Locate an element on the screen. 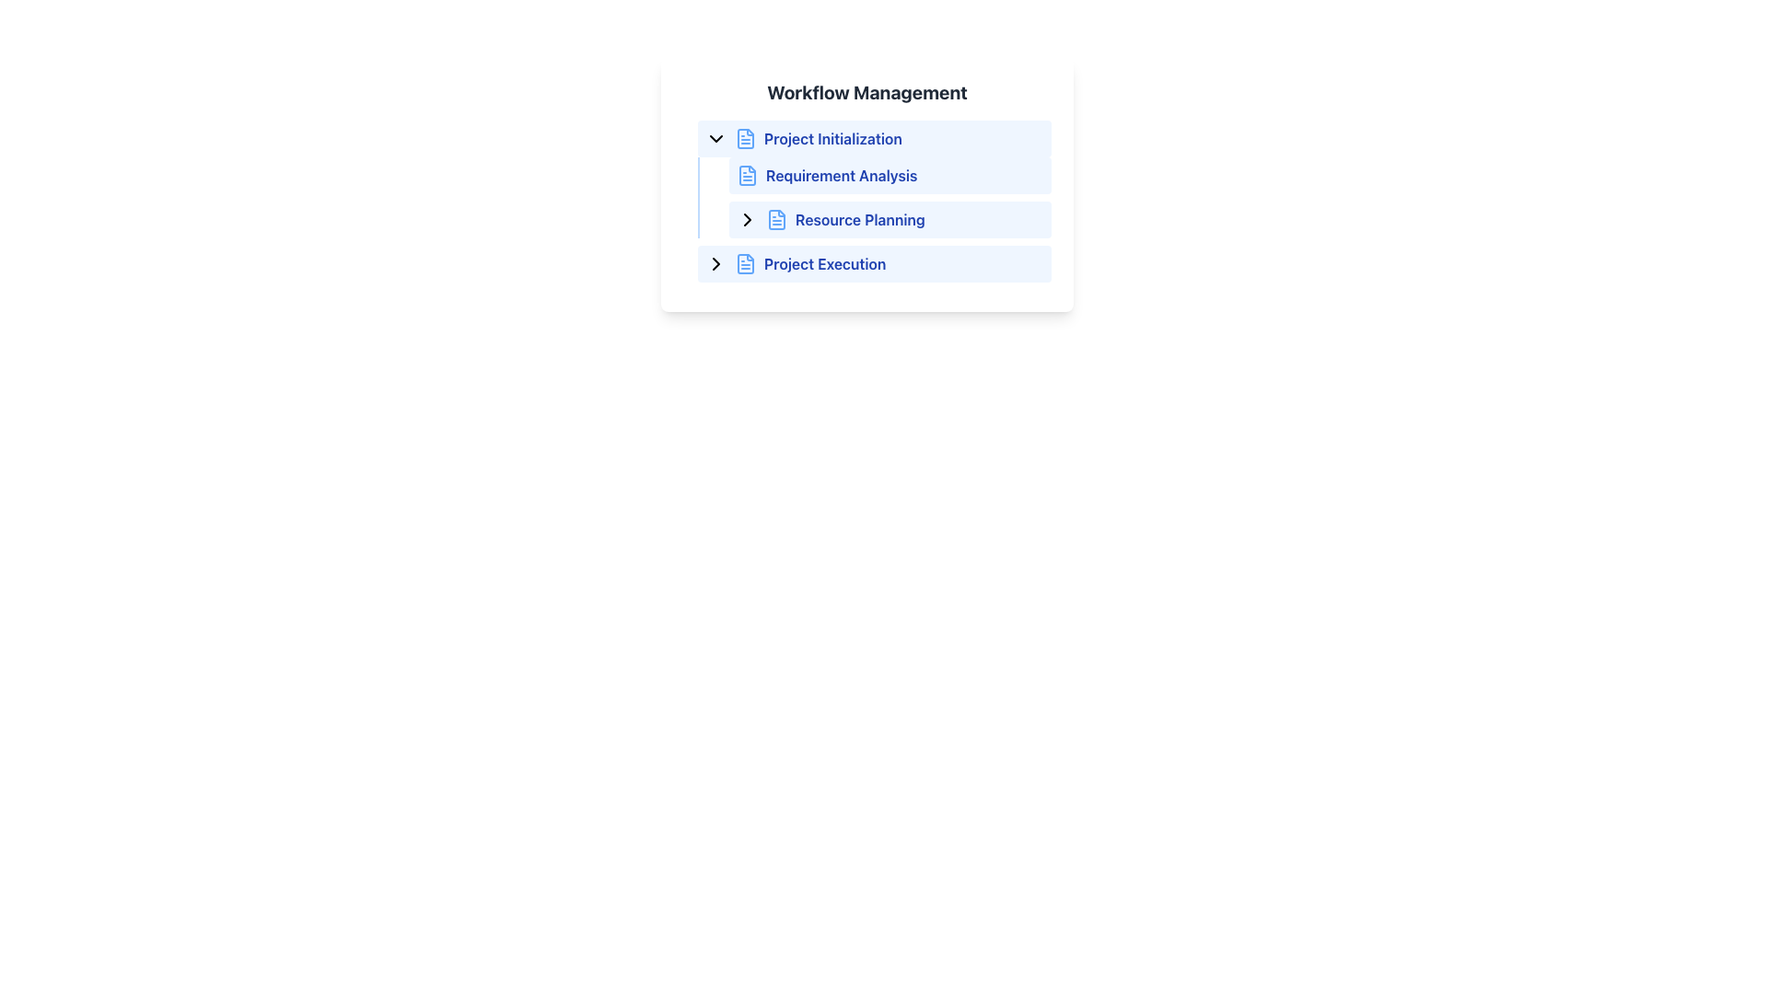 This screenshot has height=994, width=1768. the downward-pointing chevron icon, which indicates expandable content for 'Project Initialization' is located at coordinates (715, 137).